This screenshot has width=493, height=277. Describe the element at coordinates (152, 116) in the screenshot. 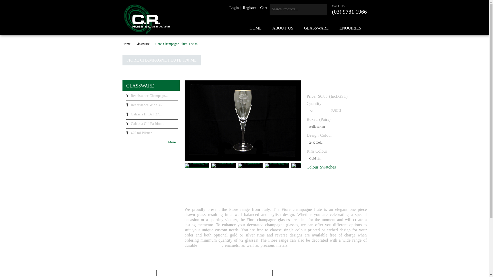

I see `'Galassia Hi Ball 37...'` at that location.